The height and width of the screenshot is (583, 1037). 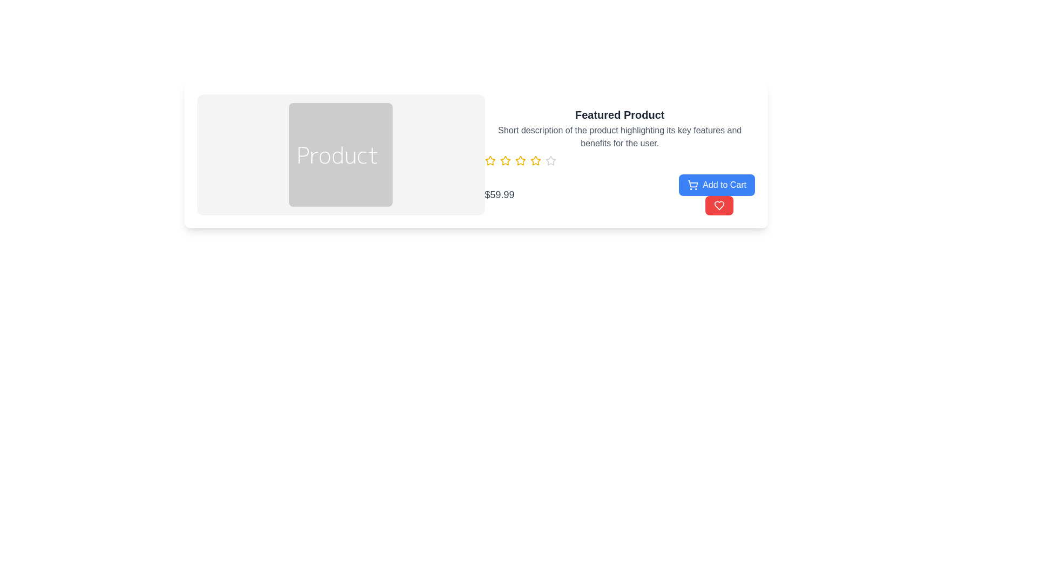 I want to click on the second yellow star icon in the rating component, so click(x=504, y=161).